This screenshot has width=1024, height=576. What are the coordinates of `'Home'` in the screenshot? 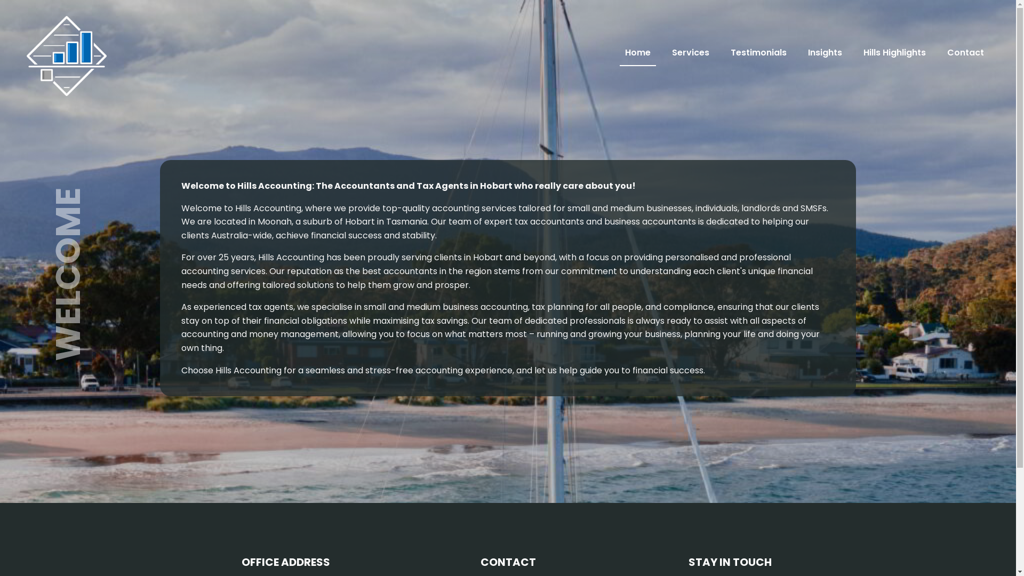 It's located at (637, 55).